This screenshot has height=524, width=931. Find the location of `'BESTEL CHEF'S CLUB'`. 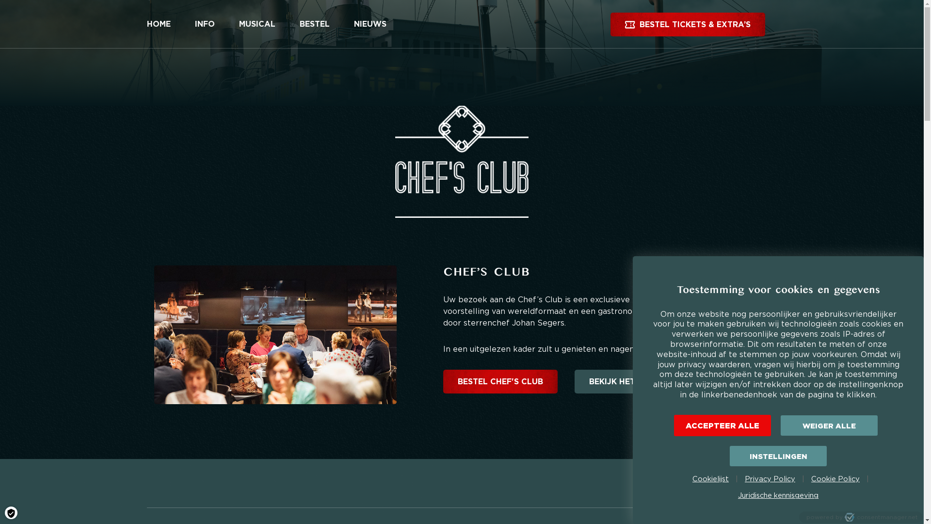

'BESTEL CHEF'S CLUB' is located at coordinates (500, 381).